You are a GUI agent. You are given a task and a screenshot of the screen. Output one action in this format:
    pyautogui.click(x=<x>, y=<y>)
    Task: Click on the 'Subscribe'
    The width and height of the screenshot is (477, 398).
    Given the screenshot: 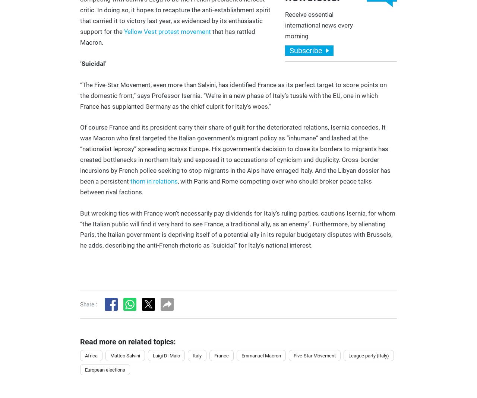 What is the action you would take?
    pyautogui.click(x=306, y=50)
    